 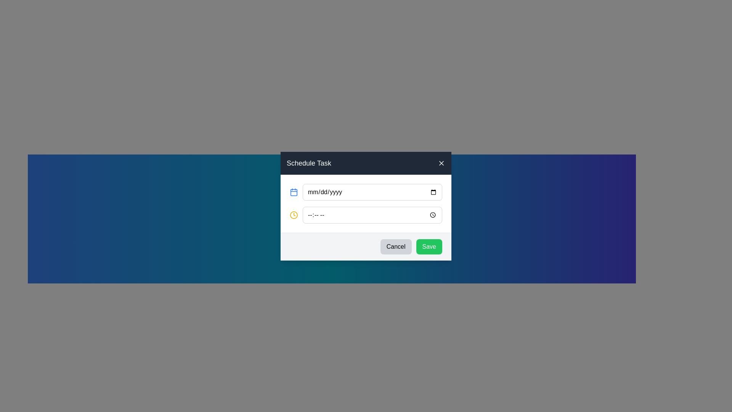 I want to click on the decorative graphic of a clock icon located to the right of the time input field in the 'Schedule Task' modal dialog, so click(x=293, y=215).